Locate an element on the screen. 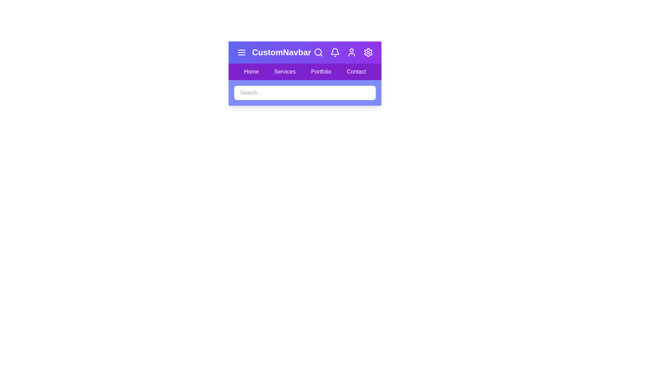 The width and height of the screenshot is (664, 373). the search button to toggle the visibility of the search bar is located at coordinates (318, 52).